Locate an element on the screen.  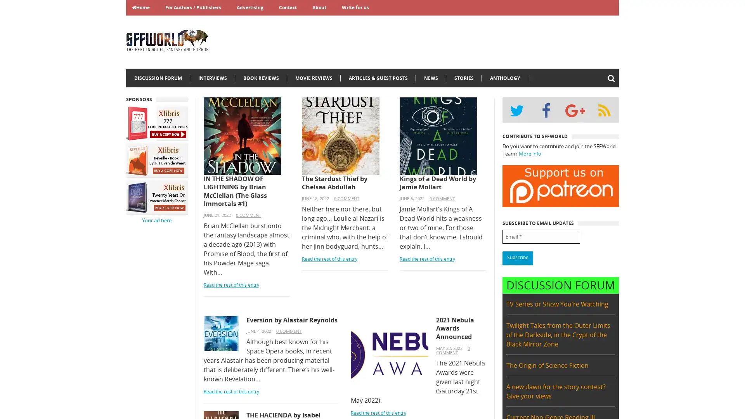
Subscribe is located at coordinates (518, 258).